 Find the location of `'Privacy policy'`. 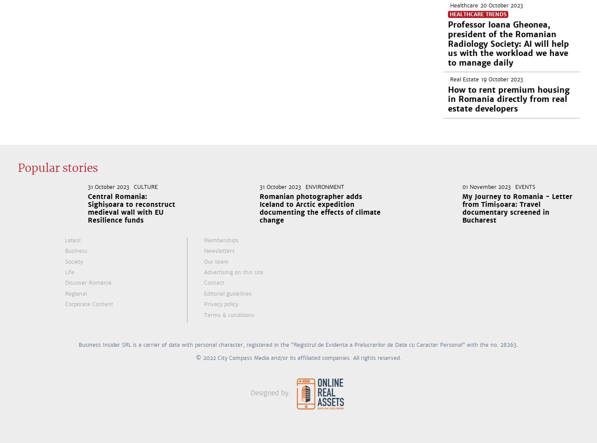

'Privacy policy' is located at coordinates (204, 304).